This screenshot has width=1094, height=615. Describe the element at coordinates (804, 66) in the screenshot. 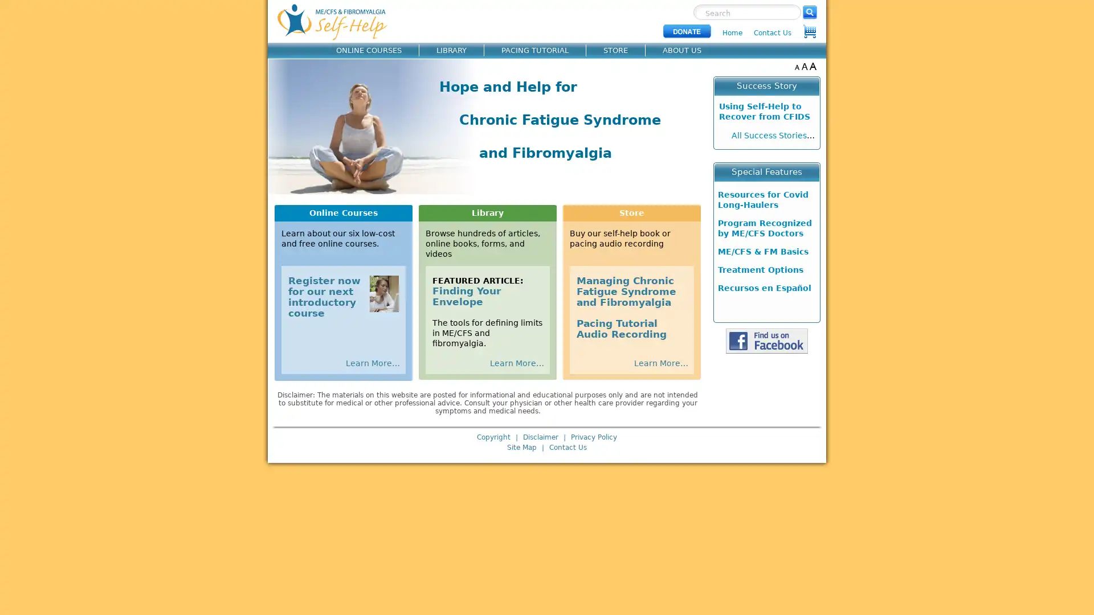

I see `A` at that location.